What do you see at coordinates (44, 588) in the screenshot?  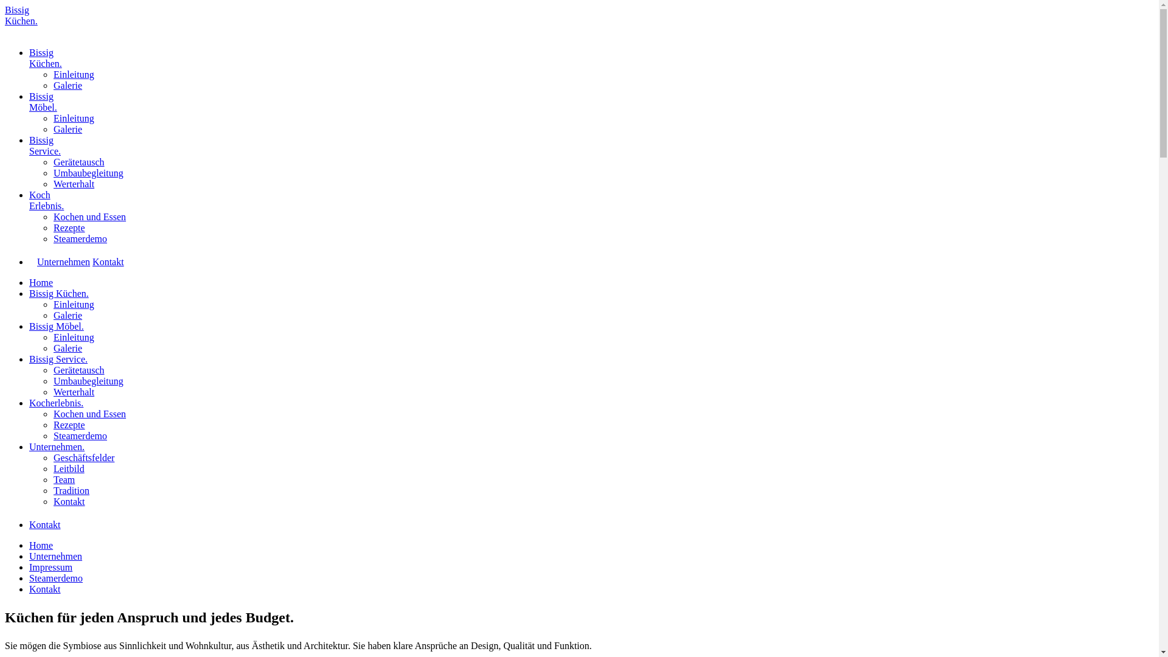 I see `'Kontakt'` at bounding box center [44, 588].